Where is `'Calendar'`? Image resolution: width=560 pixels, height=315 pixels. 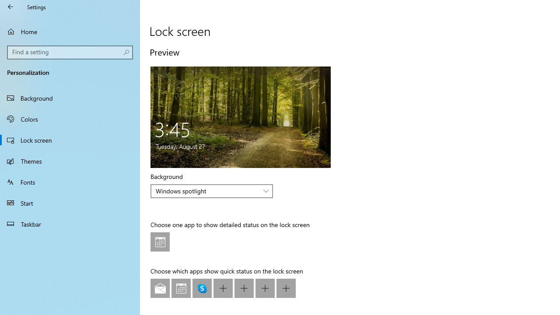 'Calendar' is located at coordinates (181, 288).